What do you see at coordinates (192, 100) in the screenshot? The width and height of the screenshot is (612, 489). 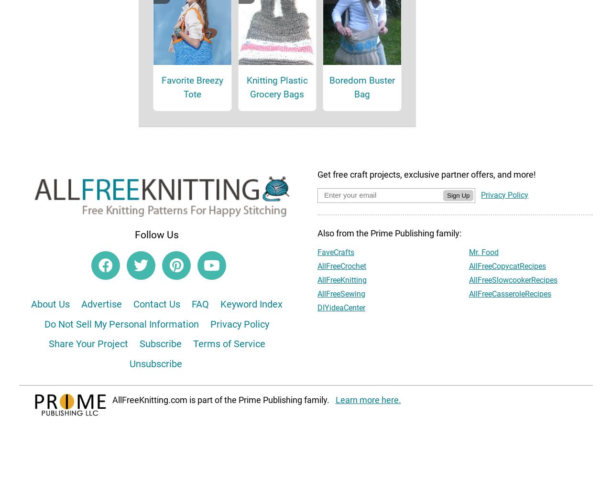 I see `'Favorite Breezy Tote'` at bounding box center [192, 100].